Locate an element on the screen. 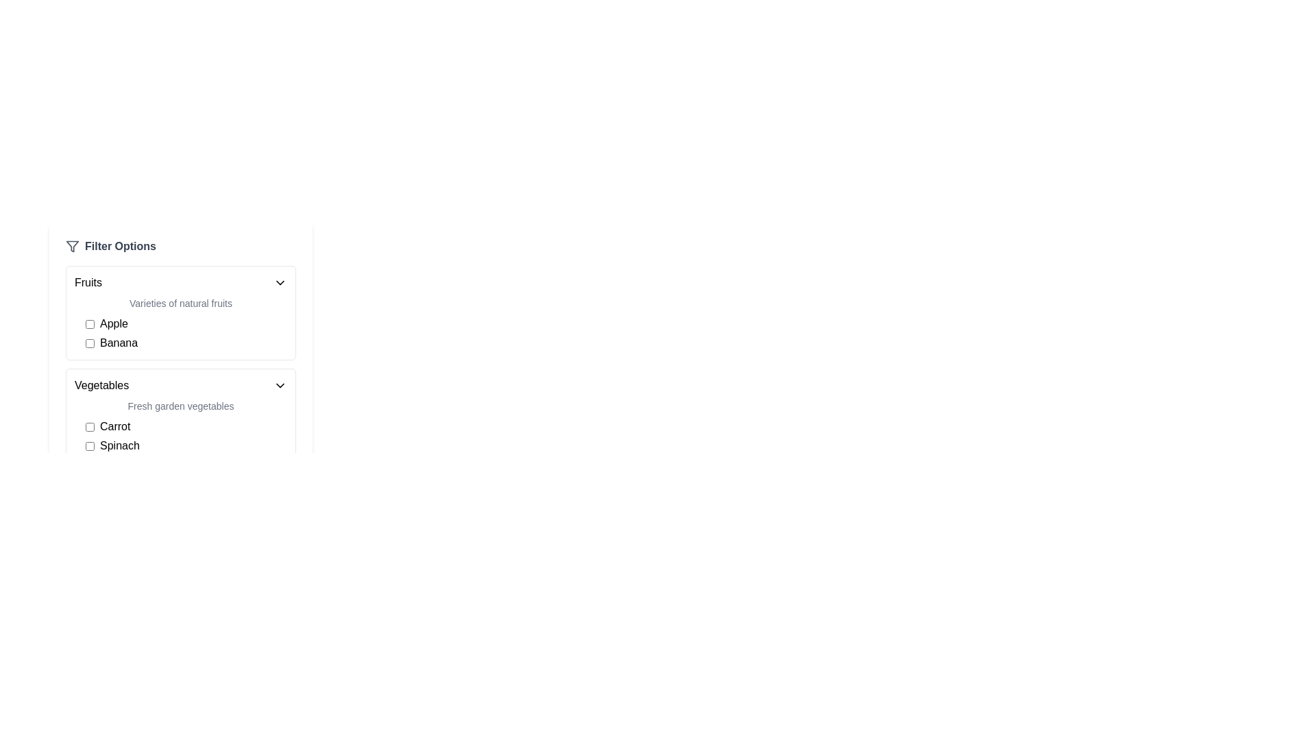  the checkbox is located at coordinates (89, 324).